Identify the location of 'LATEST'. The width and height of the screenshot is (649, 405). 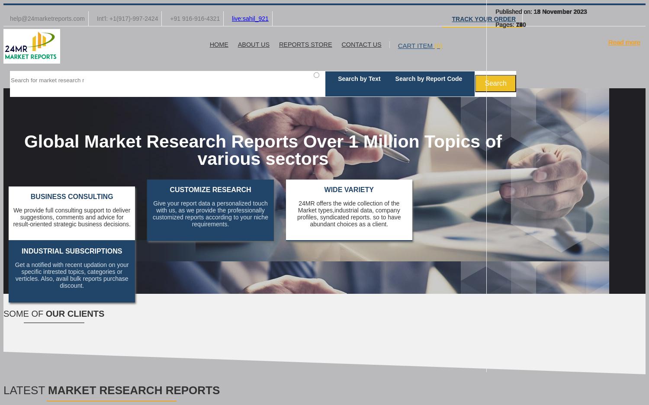
(26, 390).